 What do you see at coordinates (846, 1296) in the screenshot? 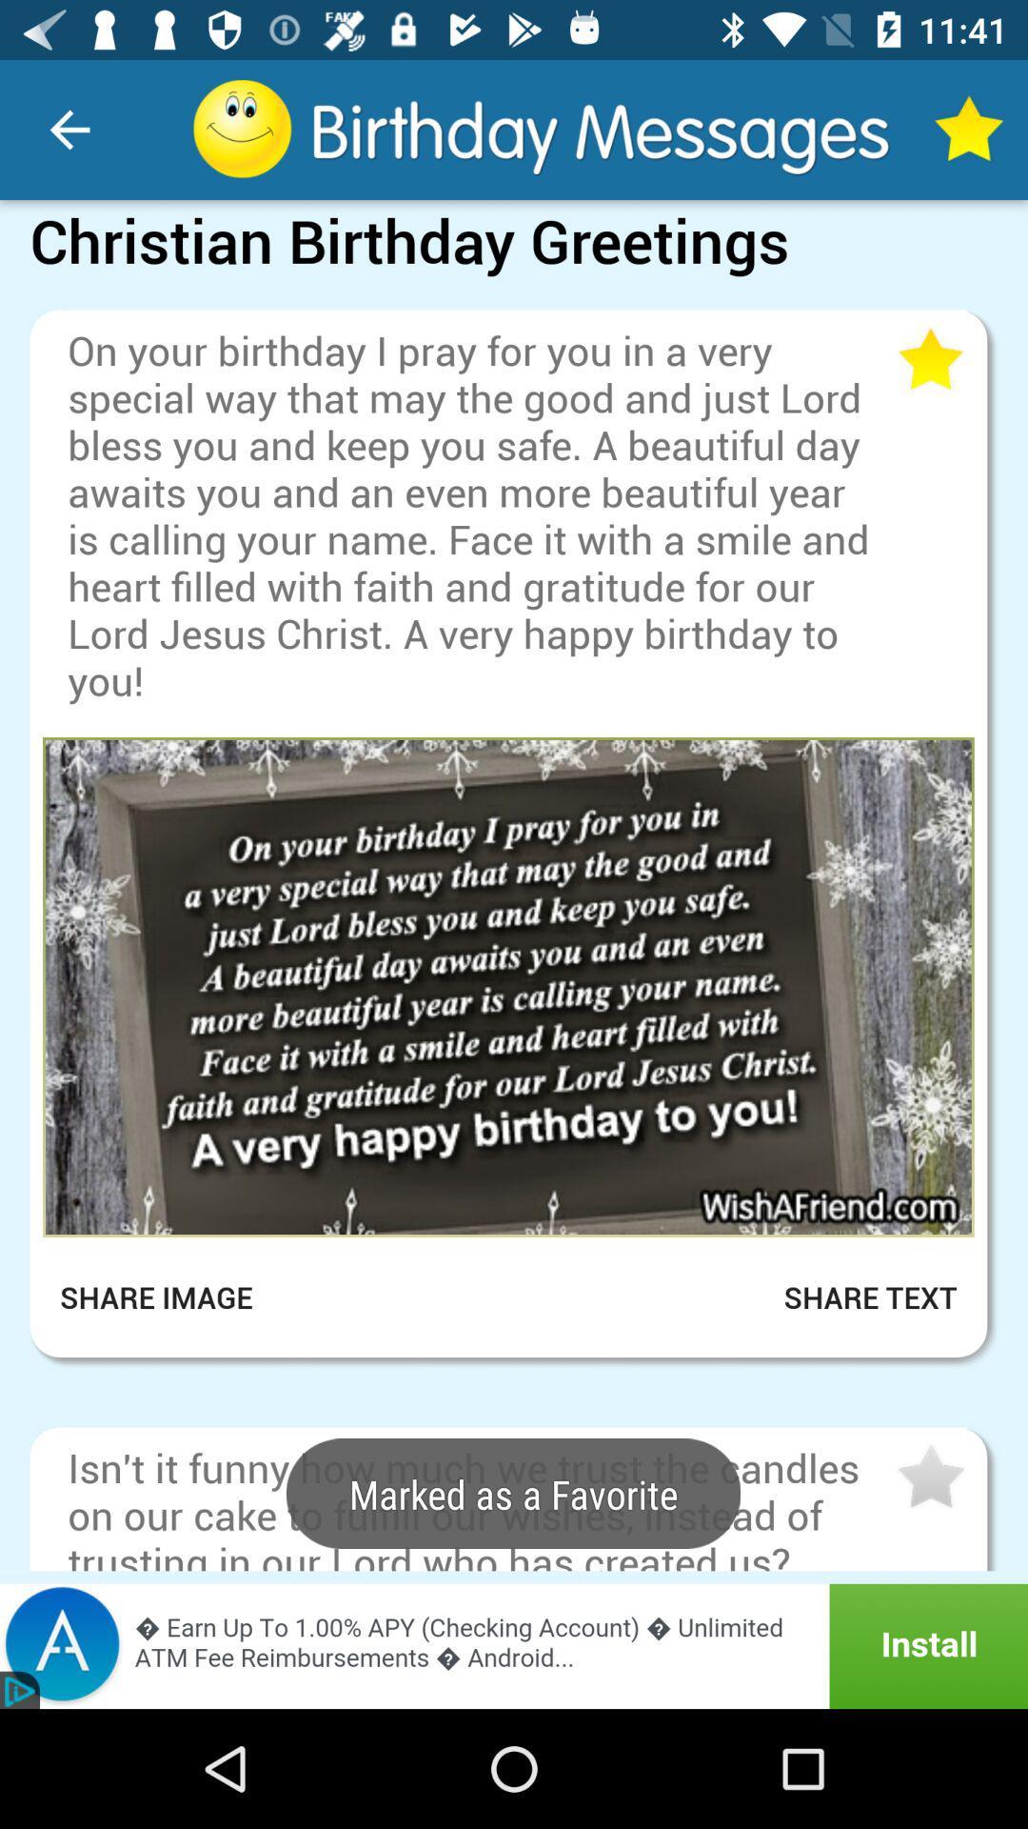
I see `item next to share image item` at bounding box center [846, 1296].